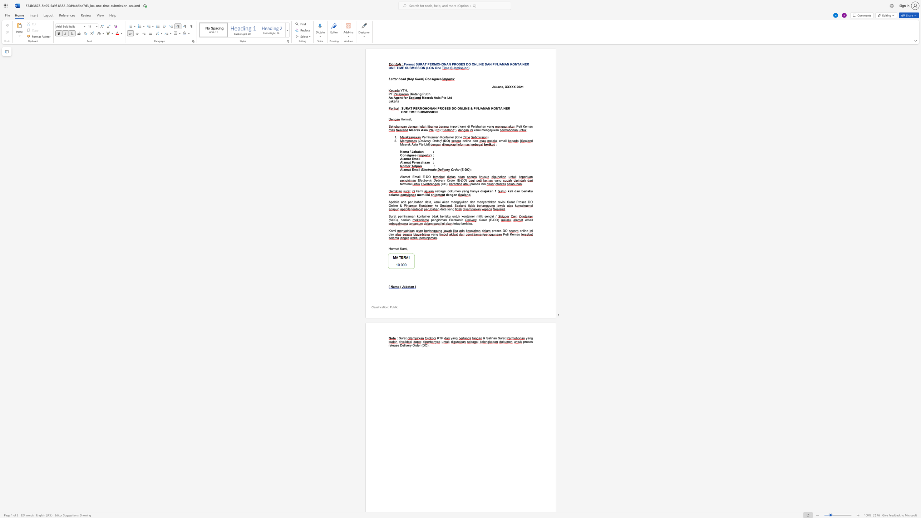 The height and width of the screenshot is (518, 921). I want to click on the subset text "ngajukan" within the text "mengajukan", so click(485, 129).